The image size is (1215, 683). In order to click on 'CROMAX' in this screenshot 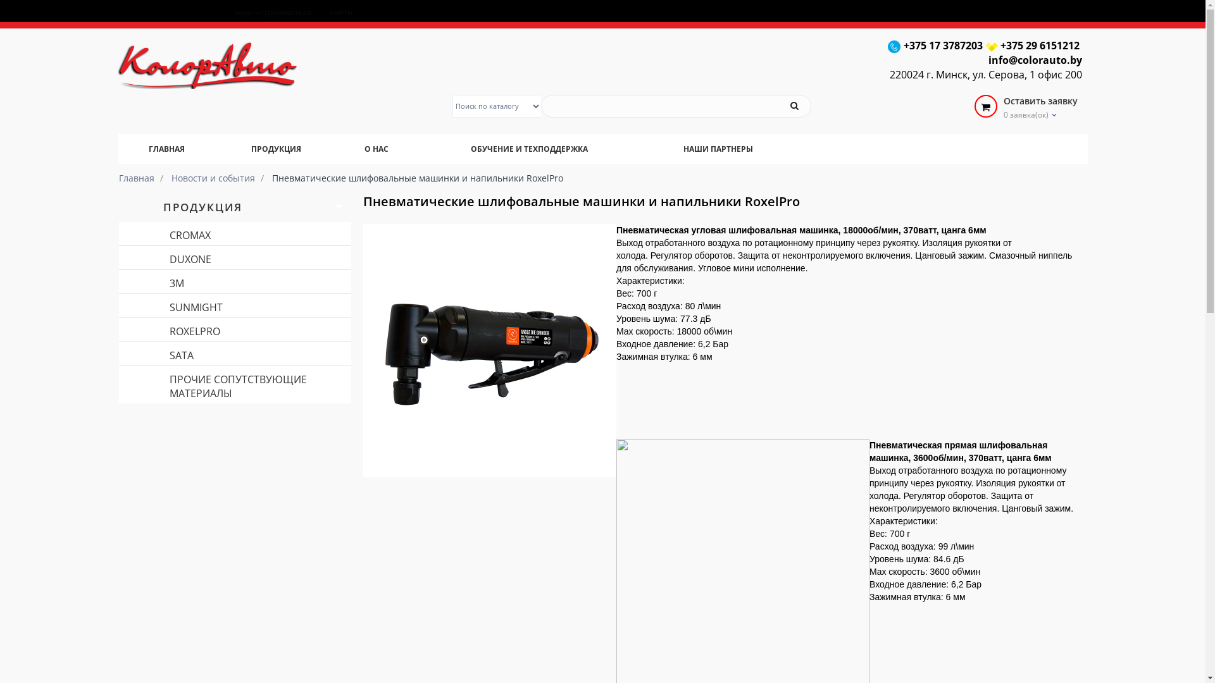, I will do `click(235, 234)`.